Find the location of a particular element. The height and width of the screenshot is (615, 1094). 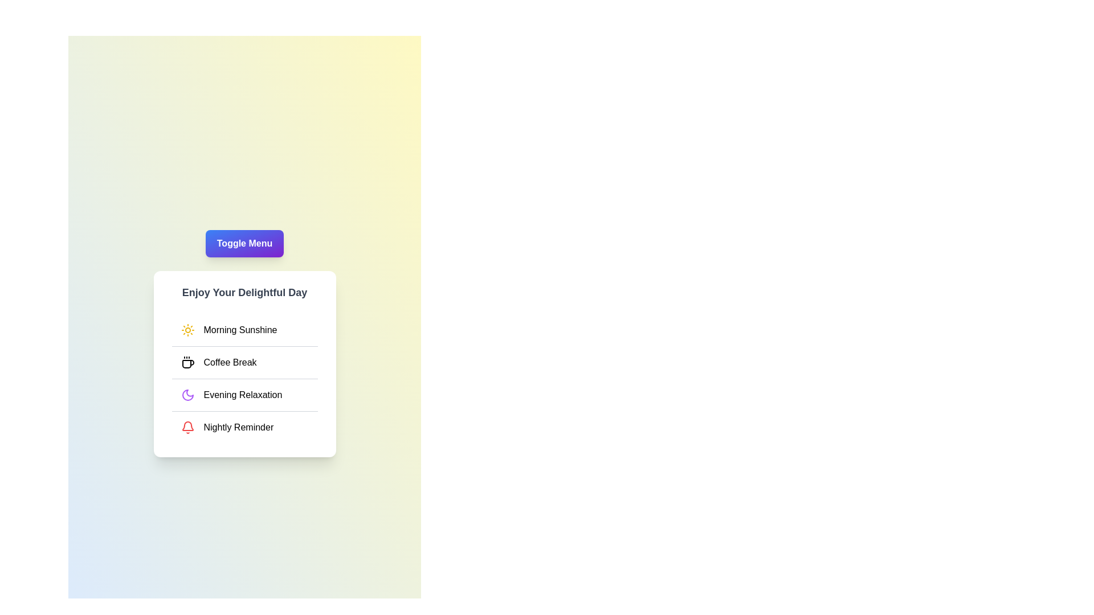

the menu item Coffee Break is located at coordinates (244, 362).